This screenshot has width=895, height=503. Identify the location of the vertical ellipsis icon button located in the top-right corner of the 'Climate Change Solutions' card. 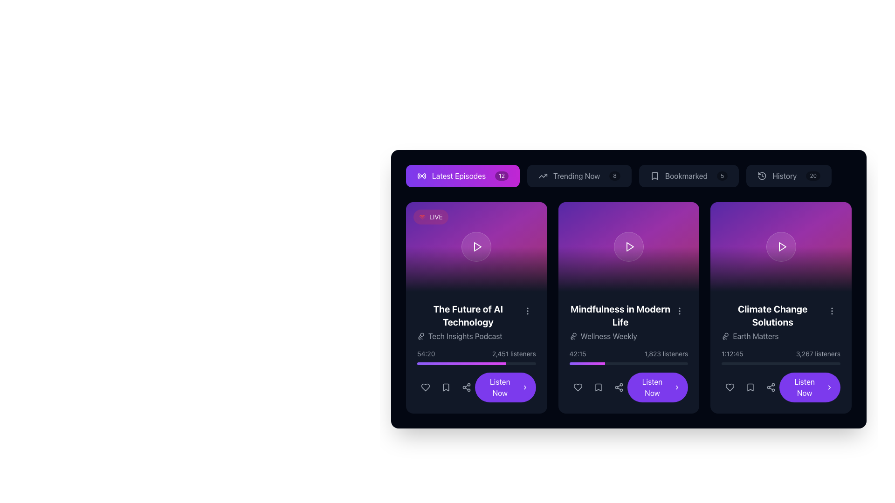
(832, 311).